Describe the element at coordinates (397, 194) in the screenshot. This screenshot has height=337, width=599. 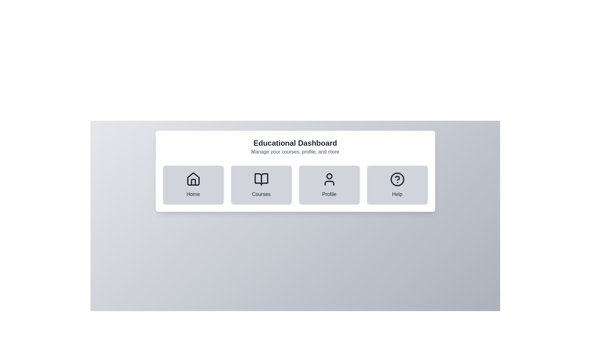
I see `the text label that provides help or support, located under the circular question mark icon in the bottom-right section of the dashboard` at that location.